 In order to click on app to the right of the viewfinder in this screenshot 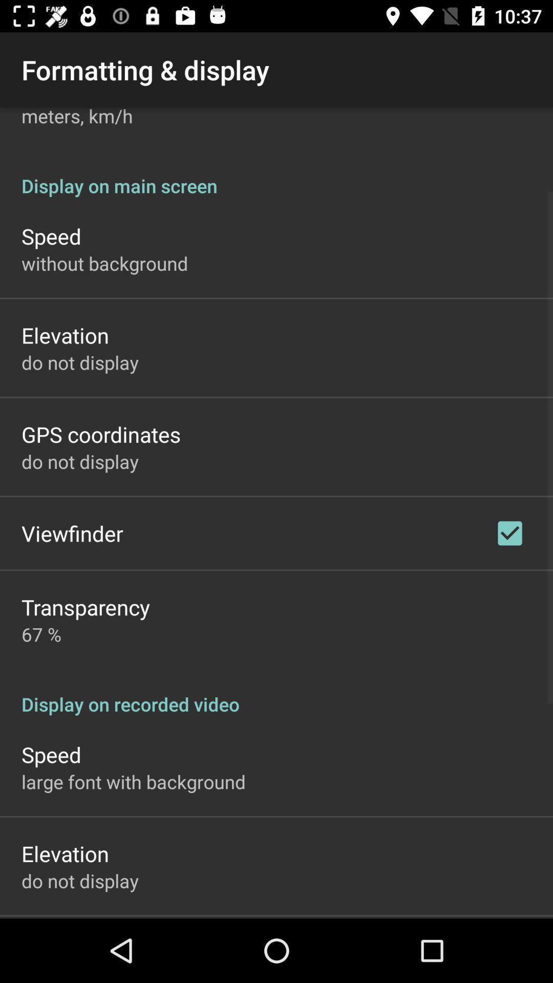, I will do `click(509, 532)`.